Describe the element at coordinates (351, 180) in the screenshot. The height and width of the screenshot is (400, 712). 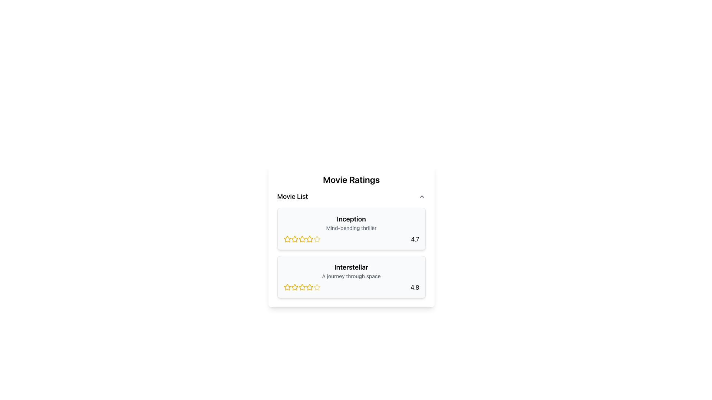
I see `the header element indicating the theme or focus of the movie ratings section, which is centrally aligned above other elements` at that location.